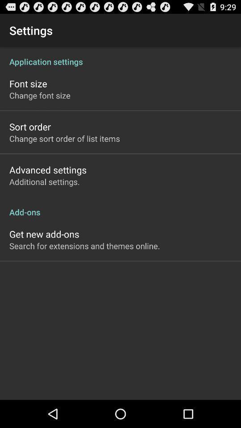 The height and width of the screenshot is (428, 241). Describe the element at coordinates (120, 56) in the screenshot. I see `the application settings at the top` at that location.